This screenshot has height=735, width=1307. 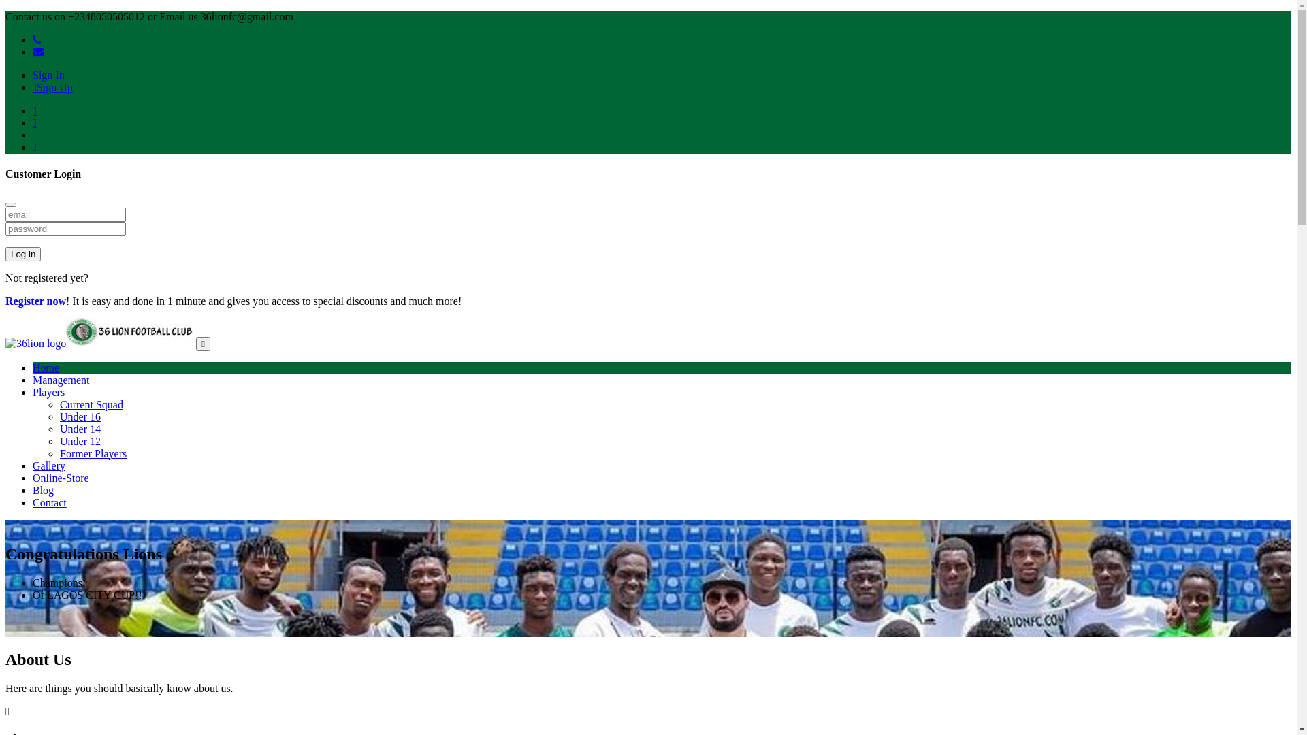 What do you see at coordinates (61, 380) in the screenshot?
I see `'Management'` at bounding box center [61, 380].